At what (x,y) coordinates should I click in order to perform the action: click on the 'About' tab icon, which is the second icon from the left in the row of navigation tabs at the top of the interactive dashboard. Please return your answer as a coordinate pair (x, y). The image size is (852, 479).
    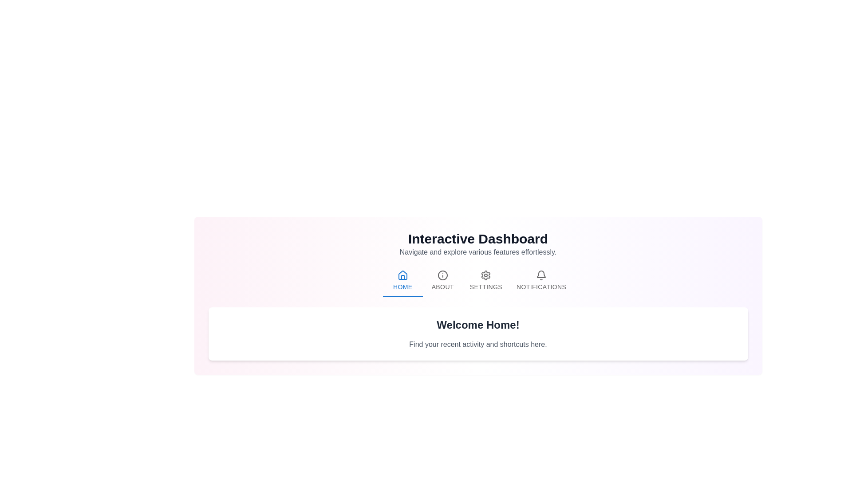
    Looking at the image, I should click on (442, 275).